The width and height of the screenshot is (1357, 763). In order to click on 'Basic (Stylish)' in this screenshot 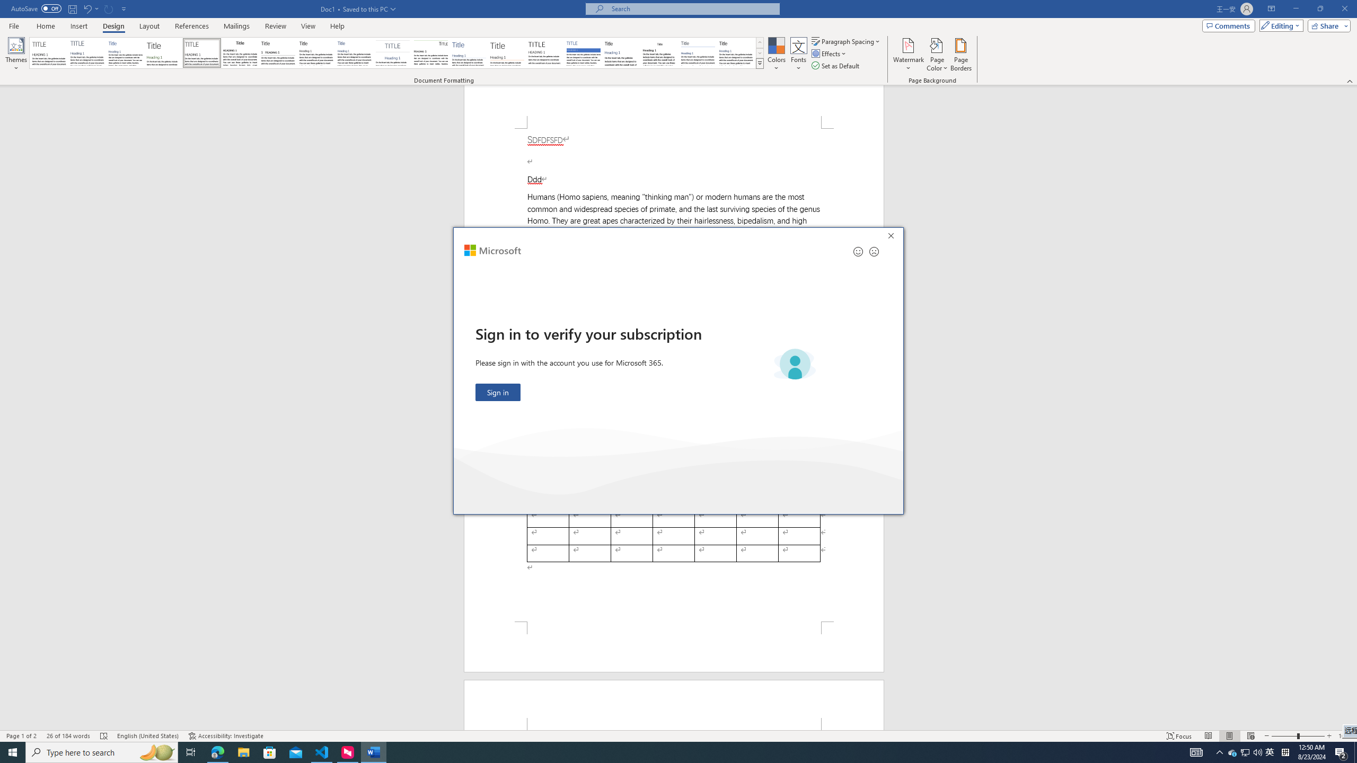, I will do `click(164, 52)`.